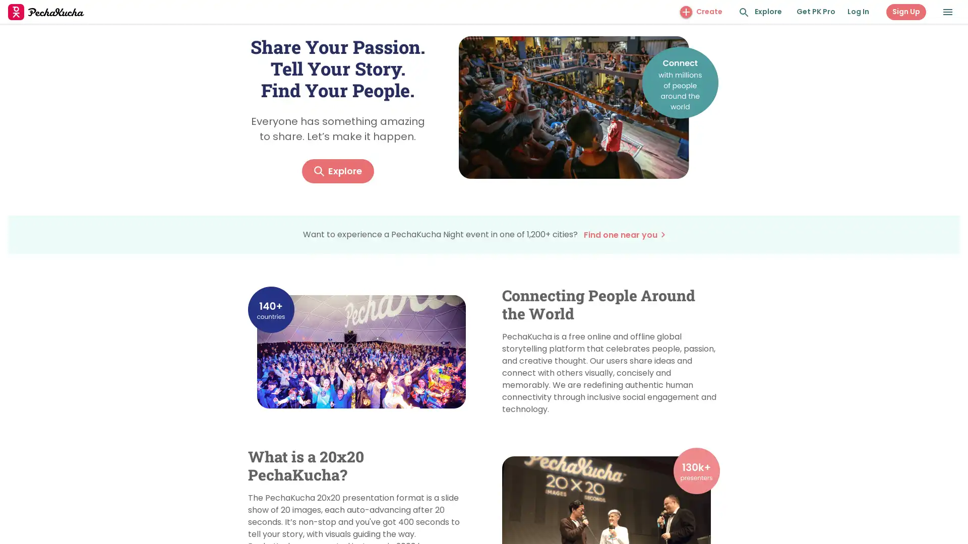  What do you see at coordinates (623, 234) in the screenshot?
I see `Find one near you` at bounding box center [623, 234].